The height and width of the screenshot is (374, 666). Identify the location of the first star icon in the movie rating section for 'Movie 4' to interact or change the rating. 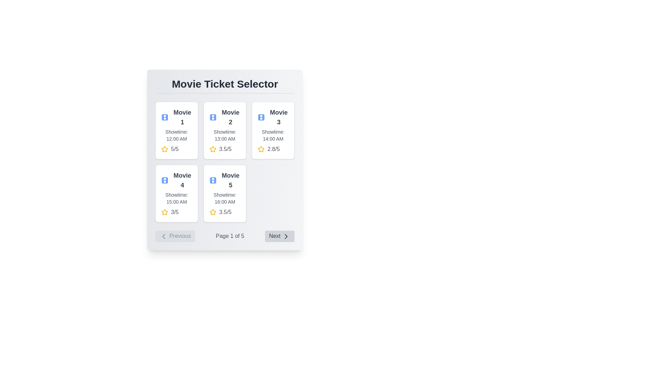
(164, 212).